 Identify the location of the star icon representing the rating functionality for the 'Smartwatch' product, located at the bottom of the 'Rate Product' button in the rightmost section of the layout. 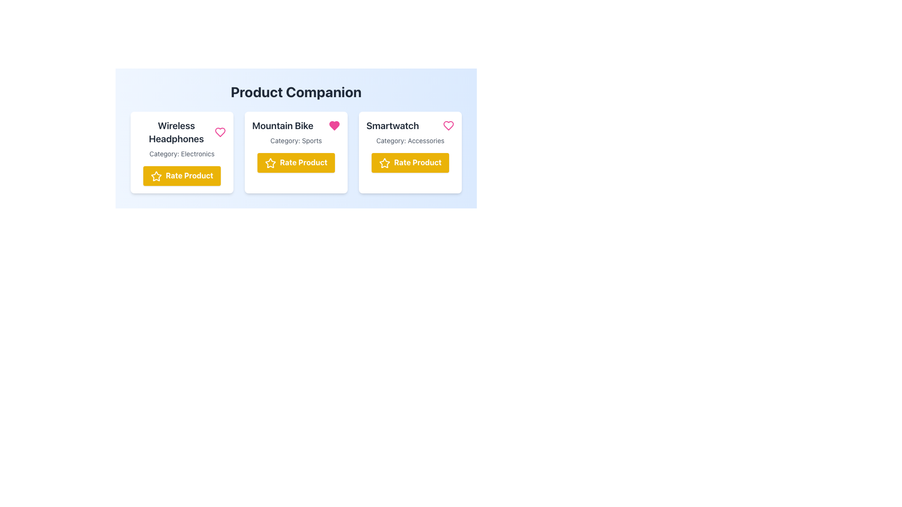
(384, 162).